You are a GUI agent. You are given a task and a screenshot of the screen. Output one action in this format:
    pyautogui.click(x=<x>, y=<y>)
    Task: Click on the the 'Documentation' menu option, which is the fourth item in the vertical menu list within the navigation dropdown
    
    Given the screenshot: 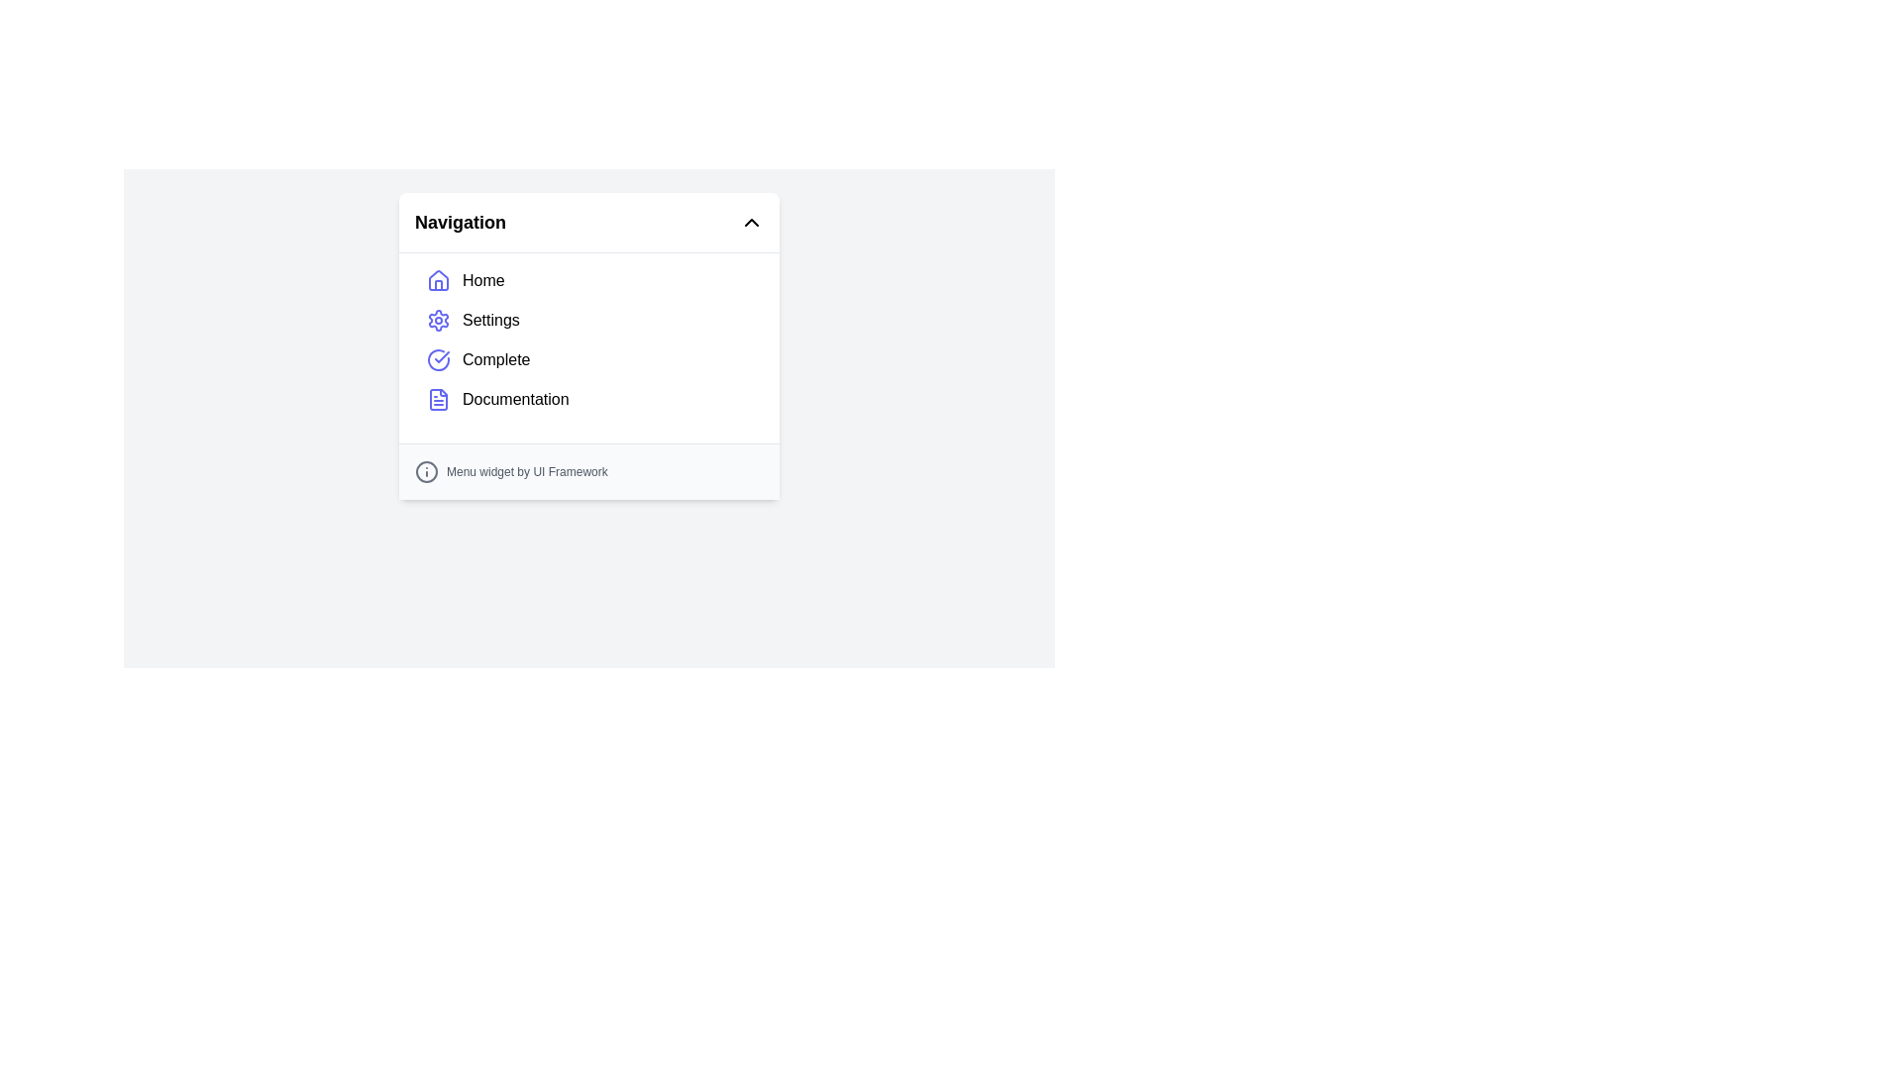 What is the action you would take?
    pyautogui.click(x=588, y=400)
    